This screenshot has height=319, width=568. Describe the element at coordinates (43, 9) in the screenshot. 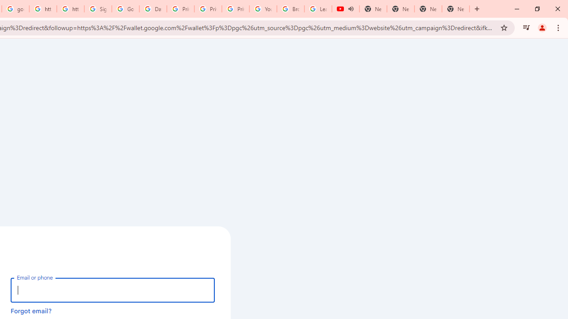

I see `'https://scholar.google.com/'` at that location.